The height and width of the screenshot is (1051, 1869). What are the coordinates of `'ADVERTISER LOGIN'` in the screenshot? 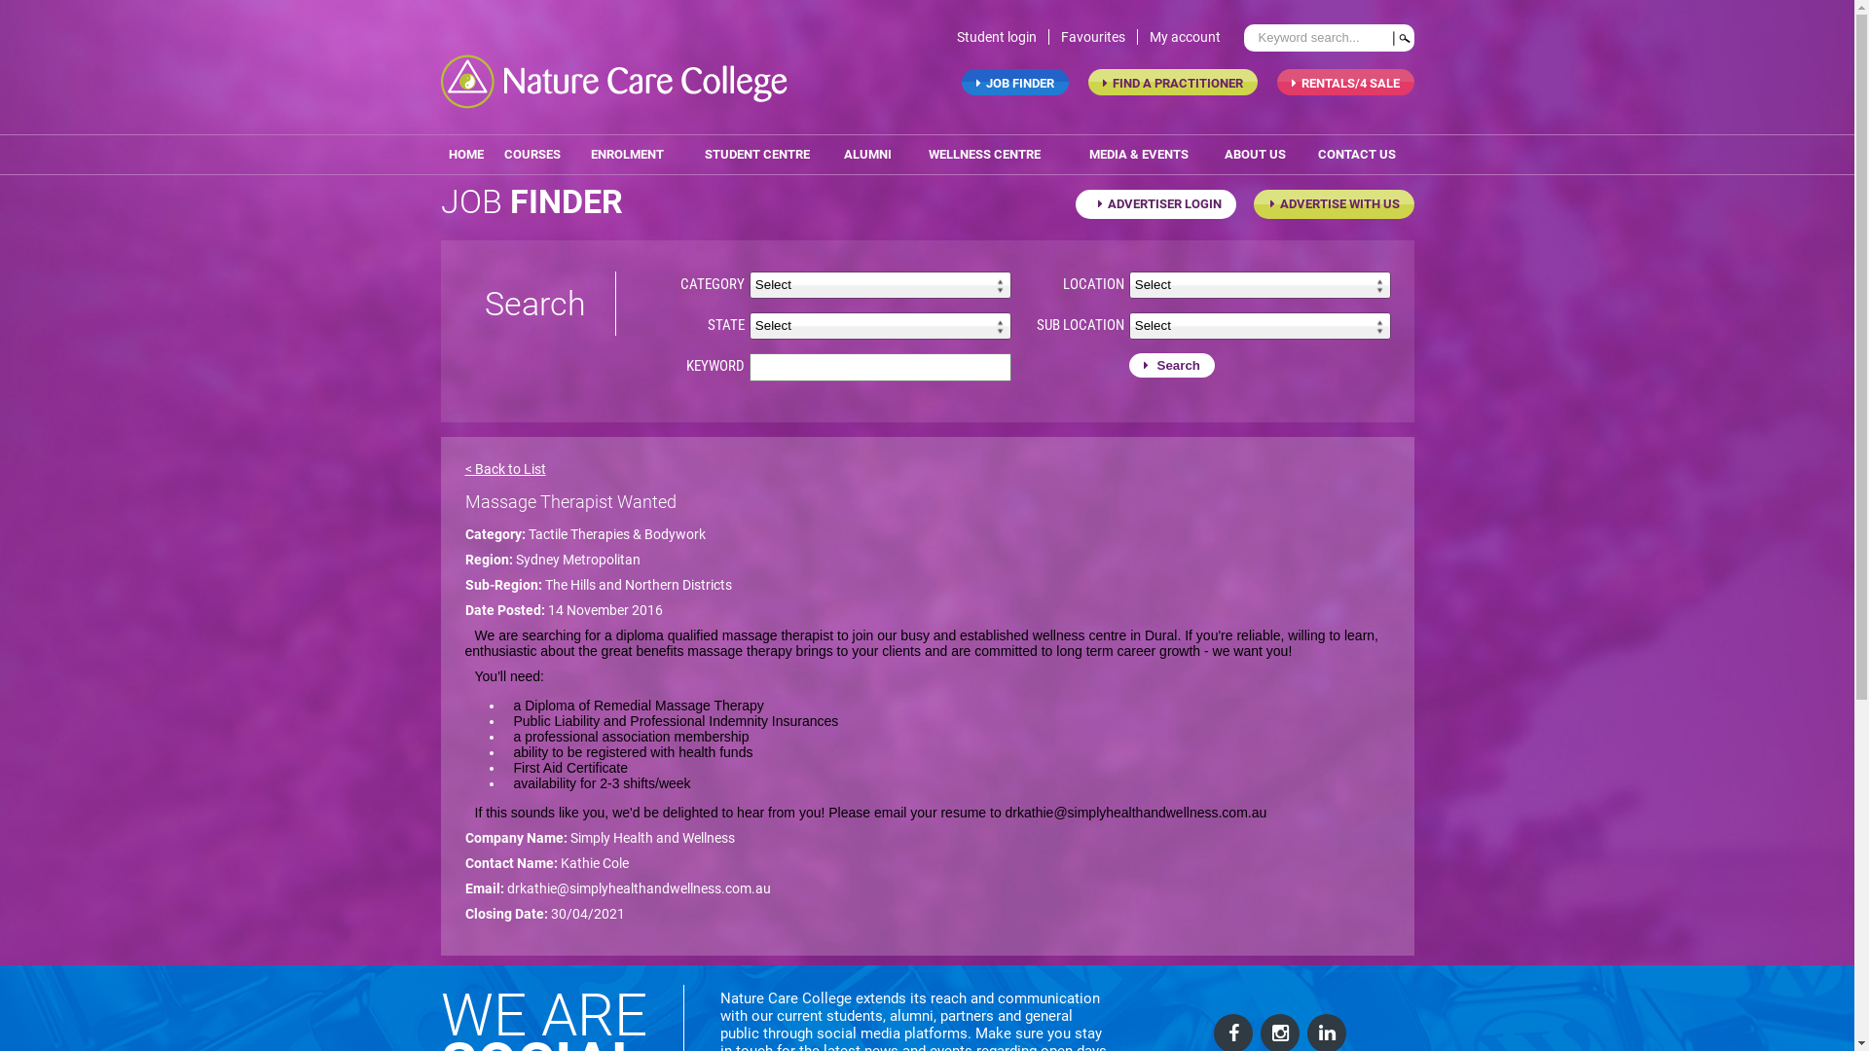 It's located at (1154, 203).